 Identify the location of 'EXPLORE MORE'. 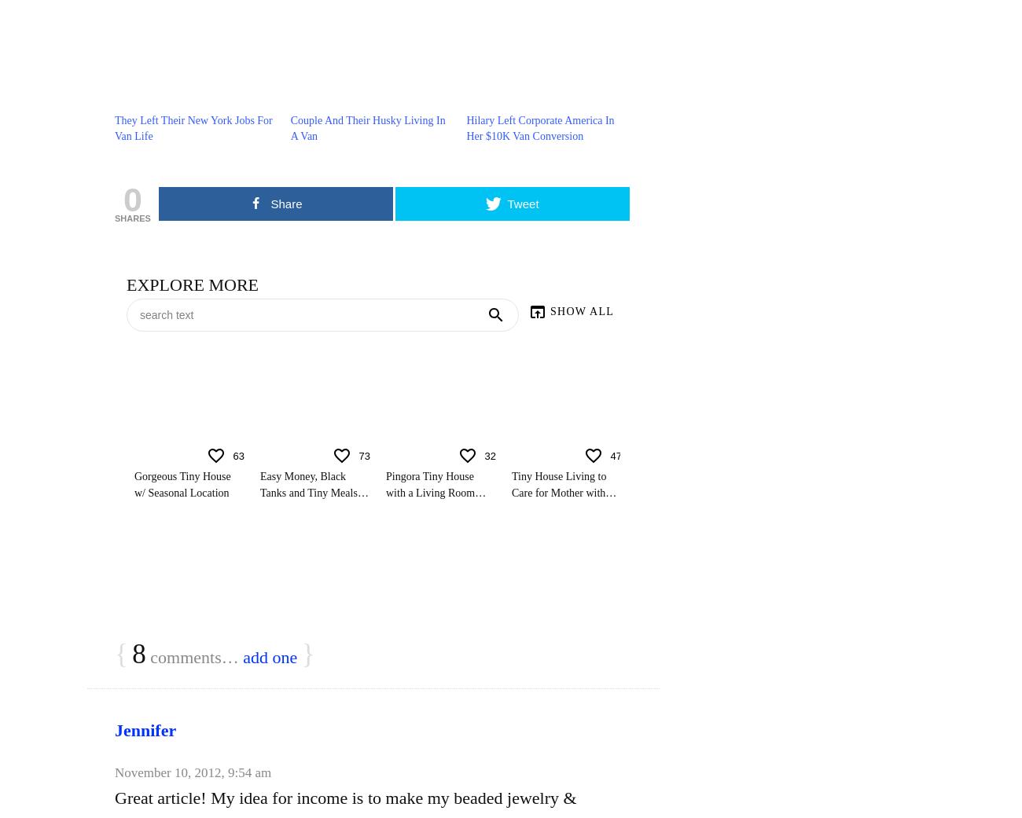
(192, 284).